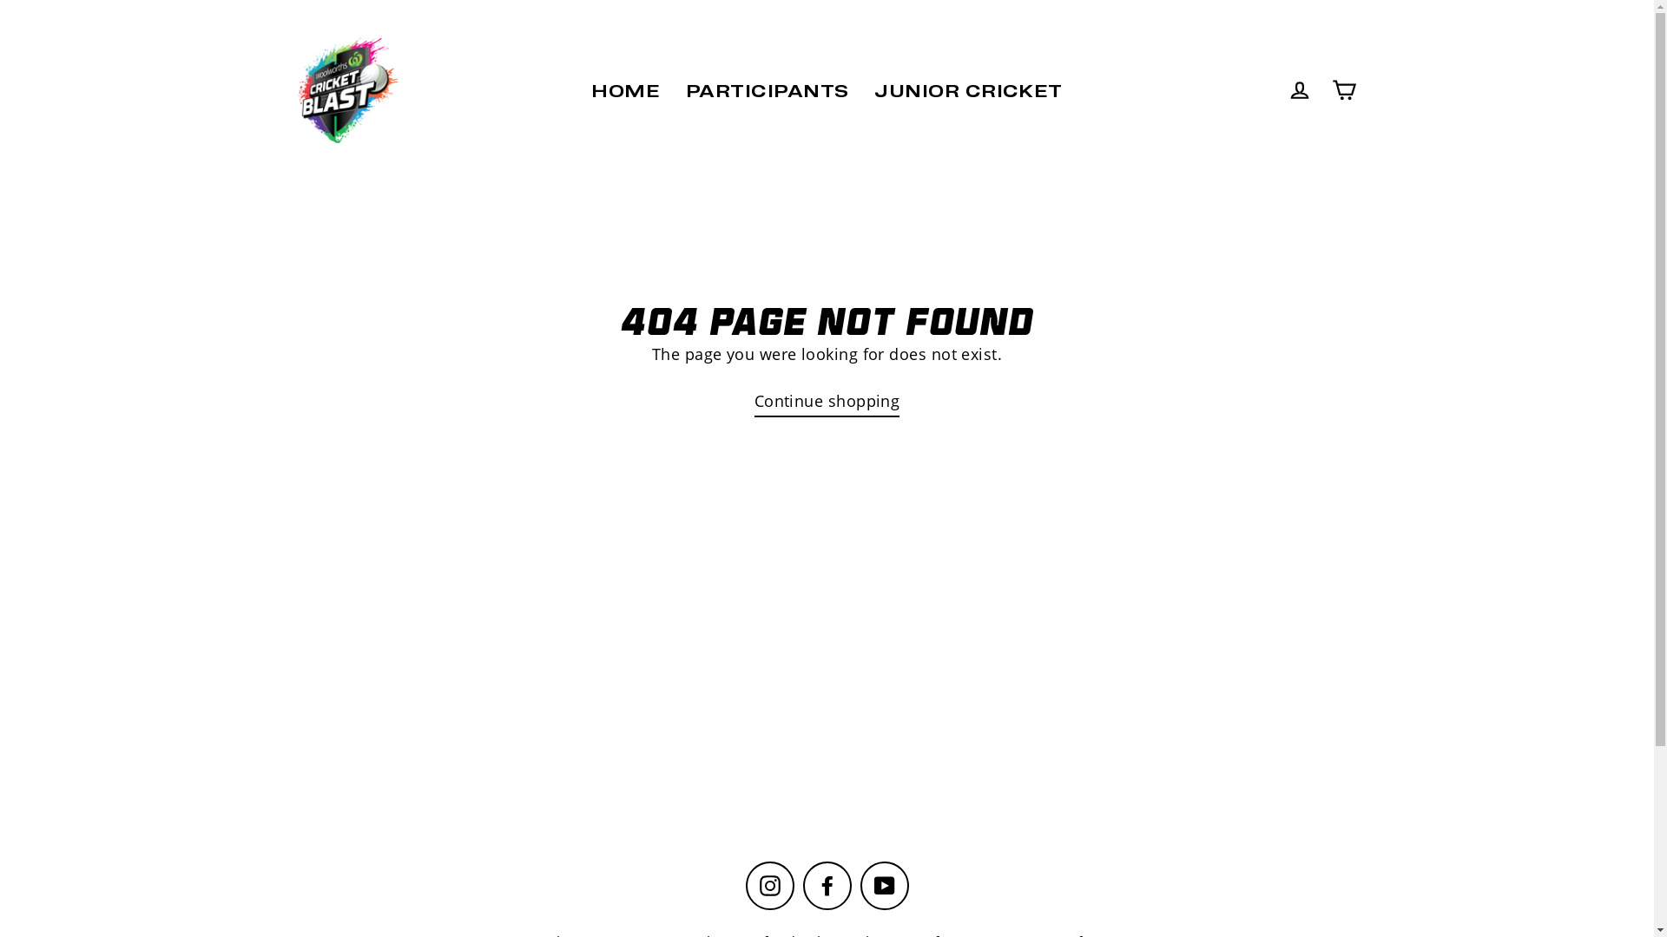  Describe the element at coordinates (825, 886) in the screenshot. I see `'Facebook'` at that location.